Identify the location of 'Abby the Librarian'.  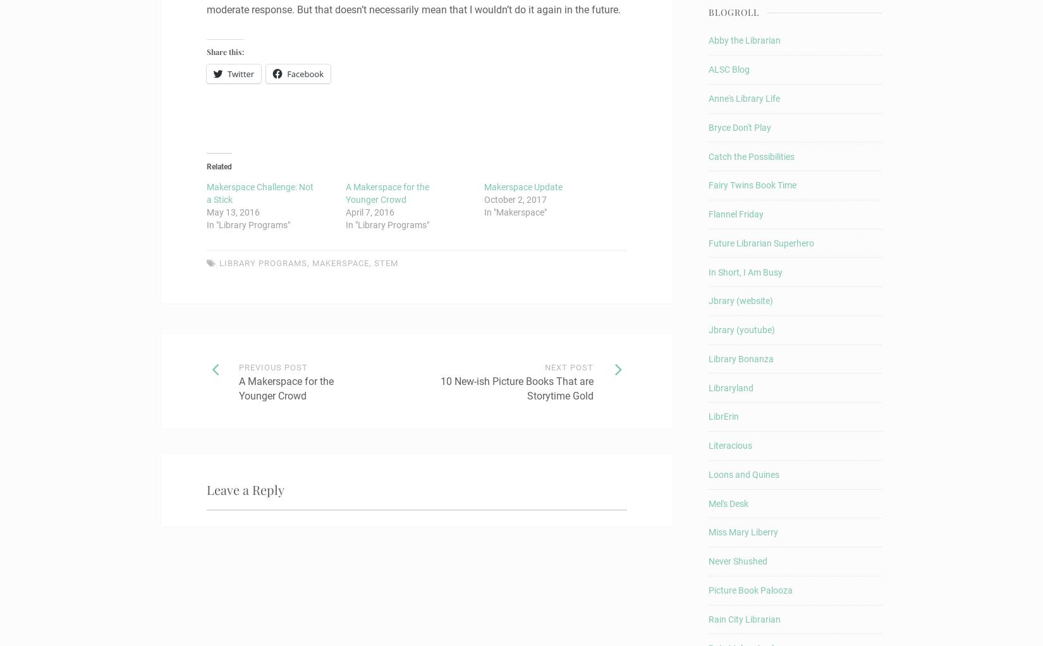
(744, 40).